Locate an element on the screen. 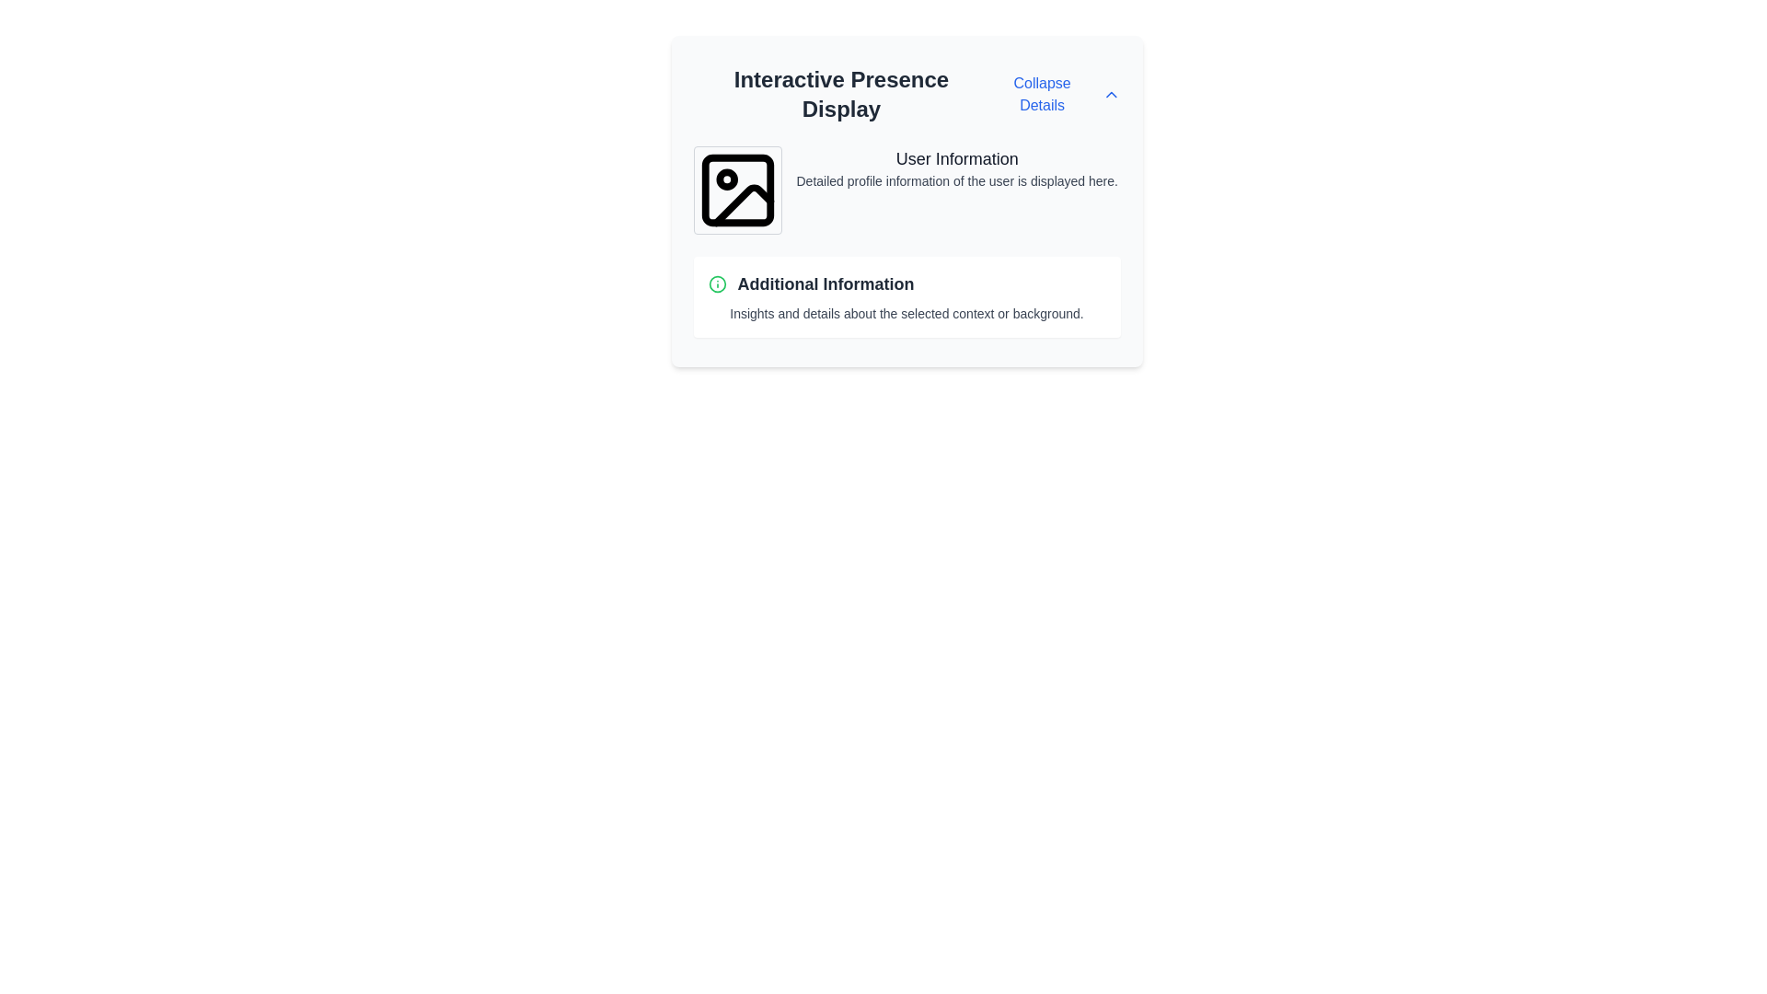  the static label or text heading that reads 'Interactive Presence Display', which is a prominent title in a large, bold dark gray font located near the top of the interface is located at coordinates (840, 95).